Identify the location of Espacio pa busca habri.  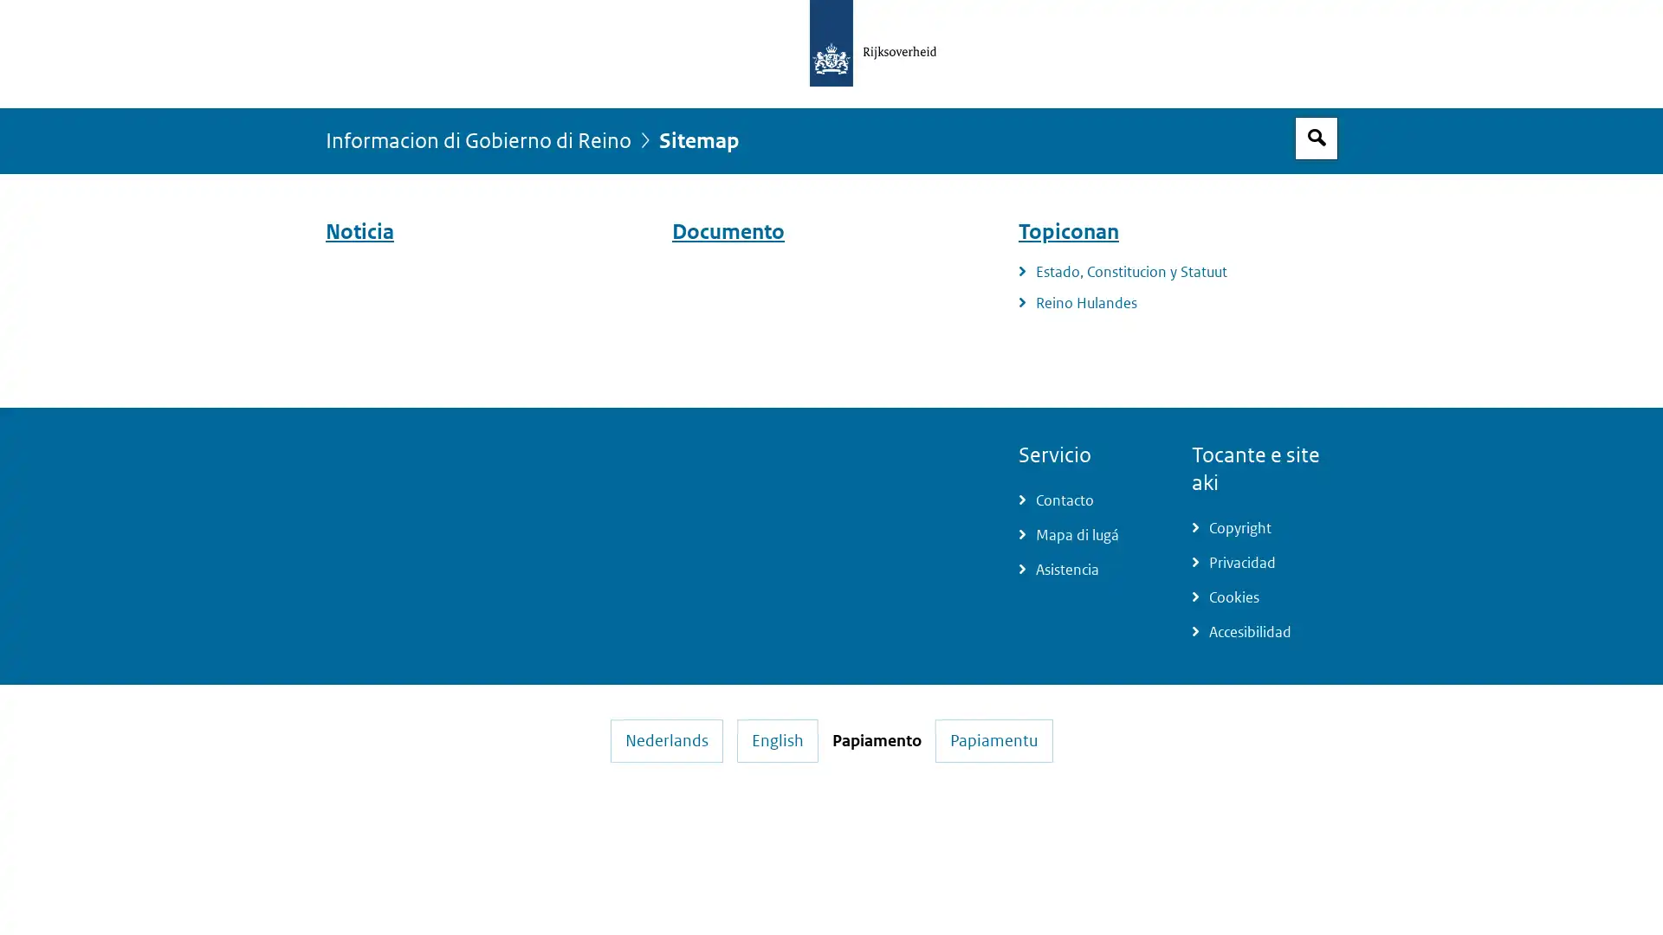
(1317, 137).